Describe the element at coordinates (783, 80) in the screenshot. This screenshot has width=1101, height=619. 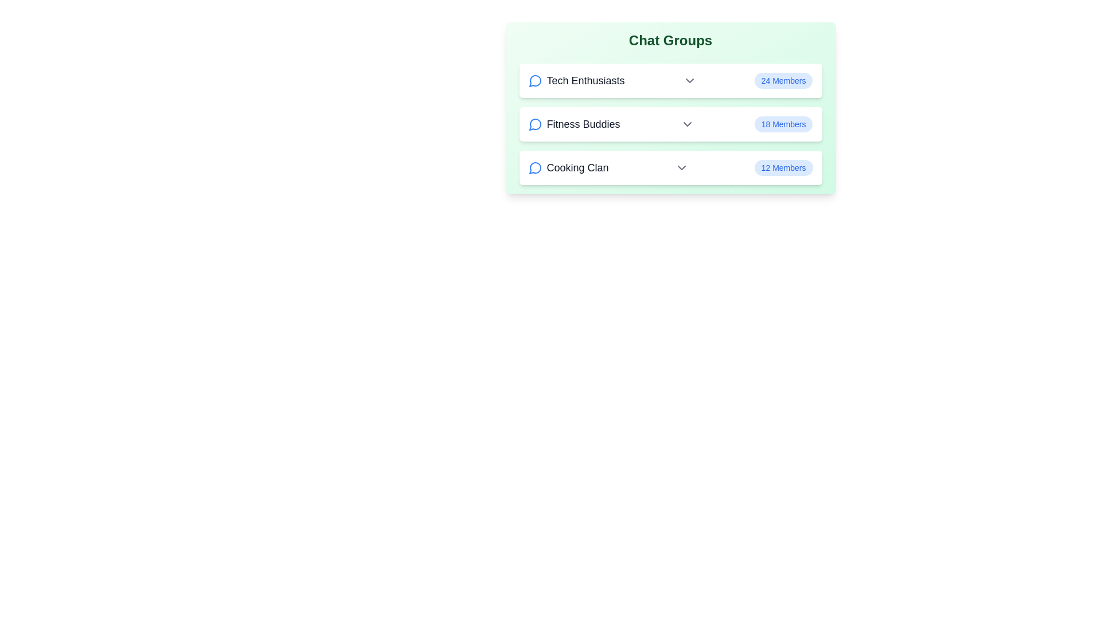
I see `the member count badge for the group 'Tech Enthusiasts'` at that location.